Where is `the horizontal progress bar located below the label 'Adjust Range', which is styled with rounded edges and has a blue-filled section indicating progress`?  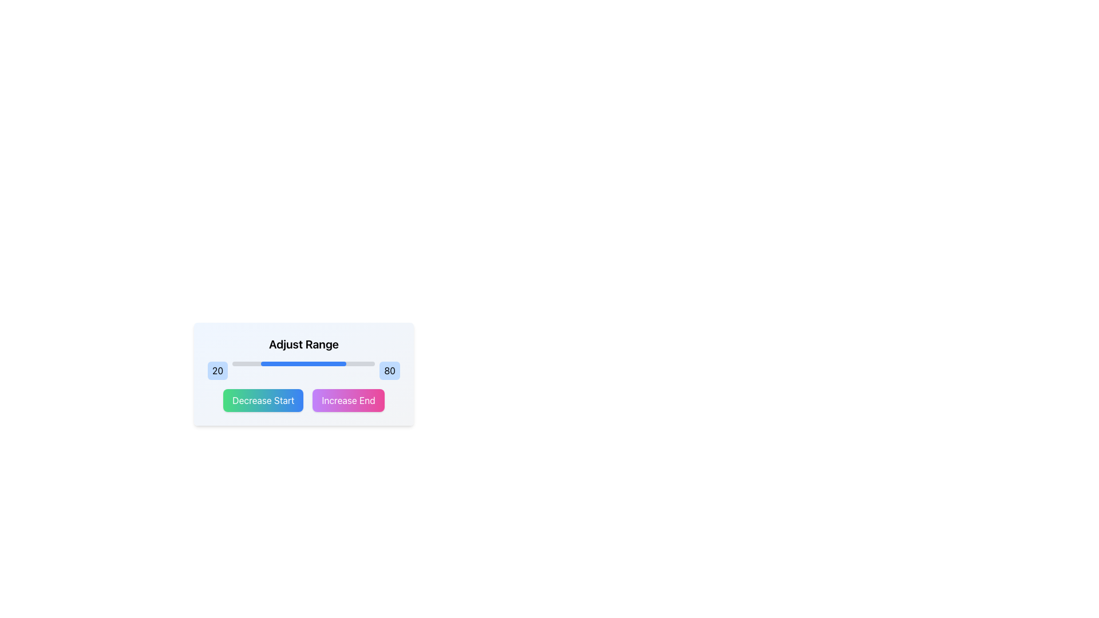
the horizontal progress bar located below the label 'Adjust Range', which is styled with rounded edges and has a blue-filled section indicating progress is located at coordinates (303, 364).